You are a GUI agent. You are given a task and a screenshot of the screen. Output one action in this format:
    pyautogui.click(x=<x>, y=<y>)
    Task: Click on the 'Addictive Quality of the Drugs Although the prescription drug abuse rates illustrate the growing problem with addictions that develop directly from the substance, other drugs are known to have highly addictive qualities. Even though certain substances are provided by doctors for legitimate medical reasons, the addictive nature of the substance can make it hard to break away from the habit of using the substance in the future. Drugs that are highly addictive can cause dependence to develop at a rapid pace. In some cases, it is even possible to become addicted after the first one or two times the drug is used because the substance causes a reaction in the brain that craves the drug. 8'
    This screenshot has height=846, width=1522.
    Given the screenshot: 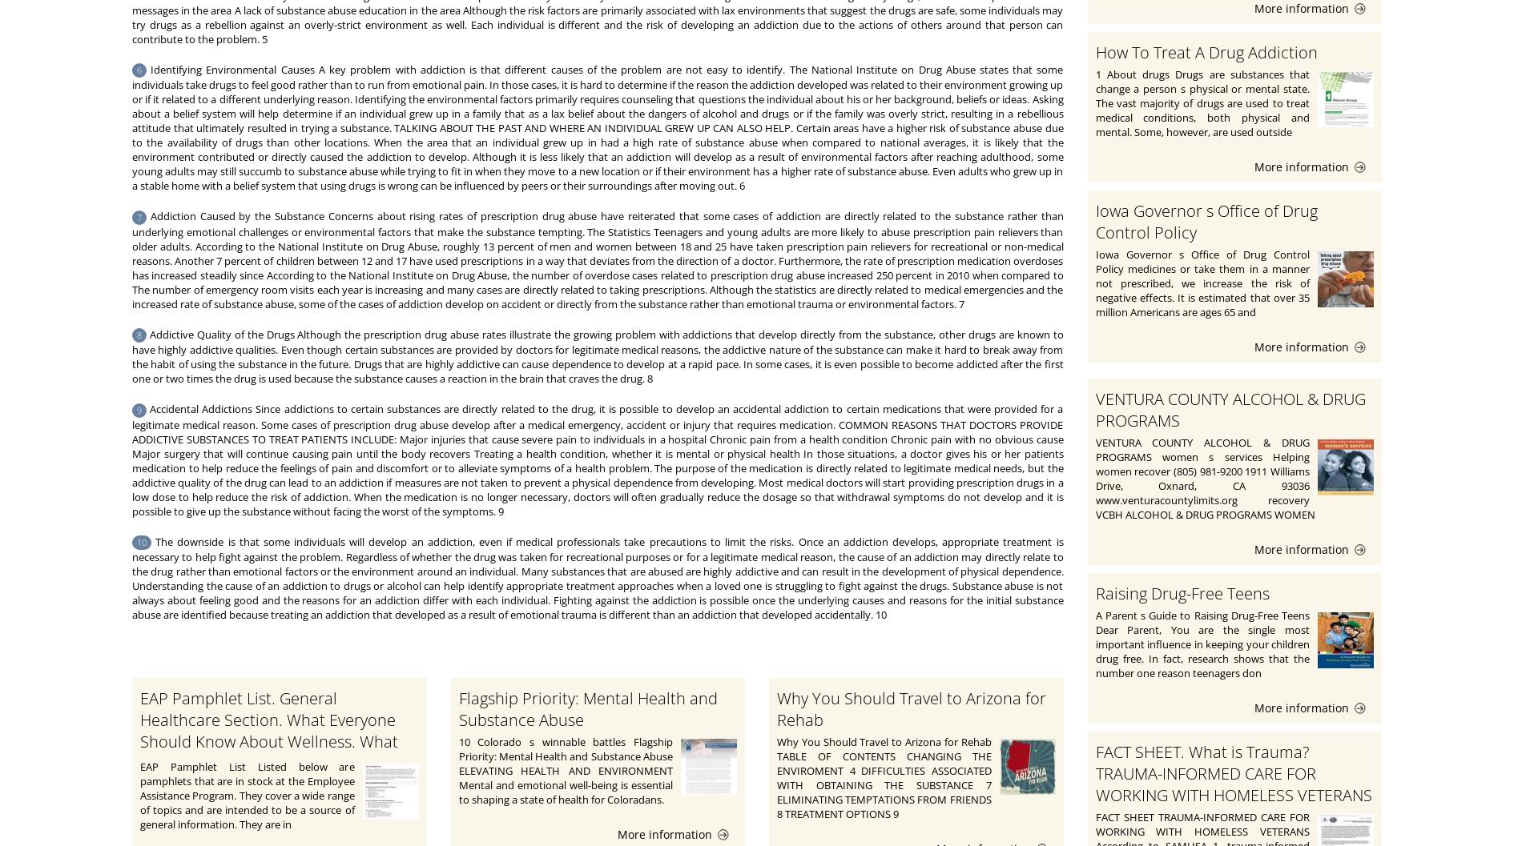 What is the action you would take?
    pyautogui.click(x=596, y=355)
    